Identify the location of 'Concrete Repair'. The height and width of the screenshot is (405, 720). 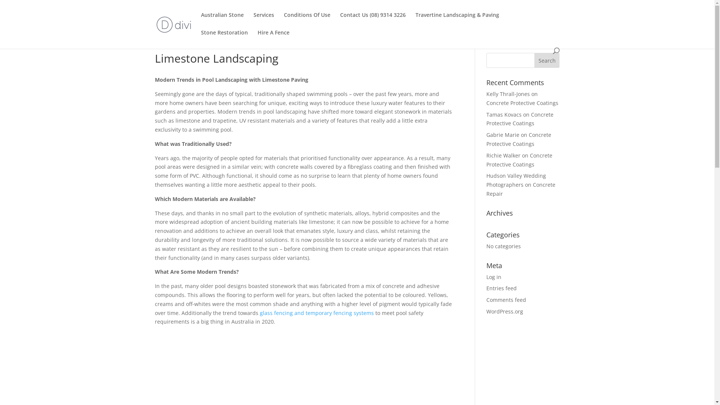
(520, 189).